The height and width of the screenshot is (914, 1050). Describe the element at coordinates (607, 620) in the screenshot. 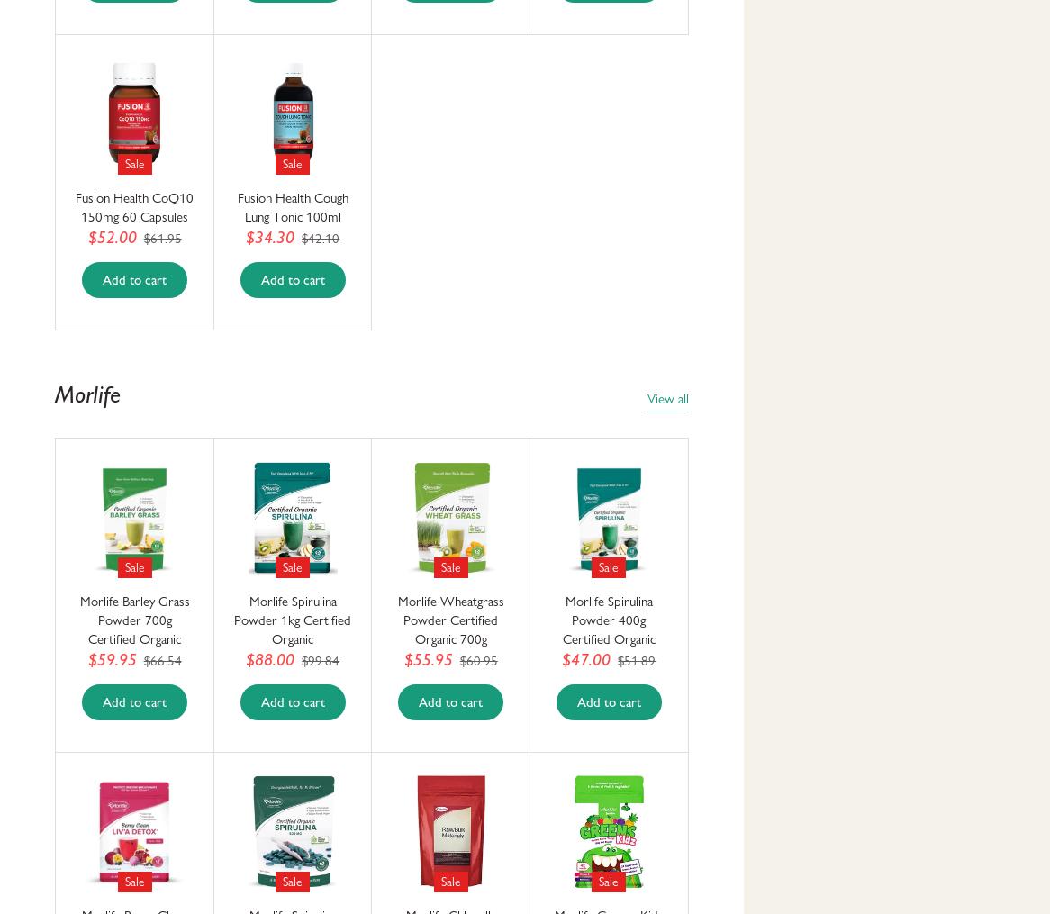

I see `'Morlife Spirulina Powder 400g Certified Organic'` at that location.